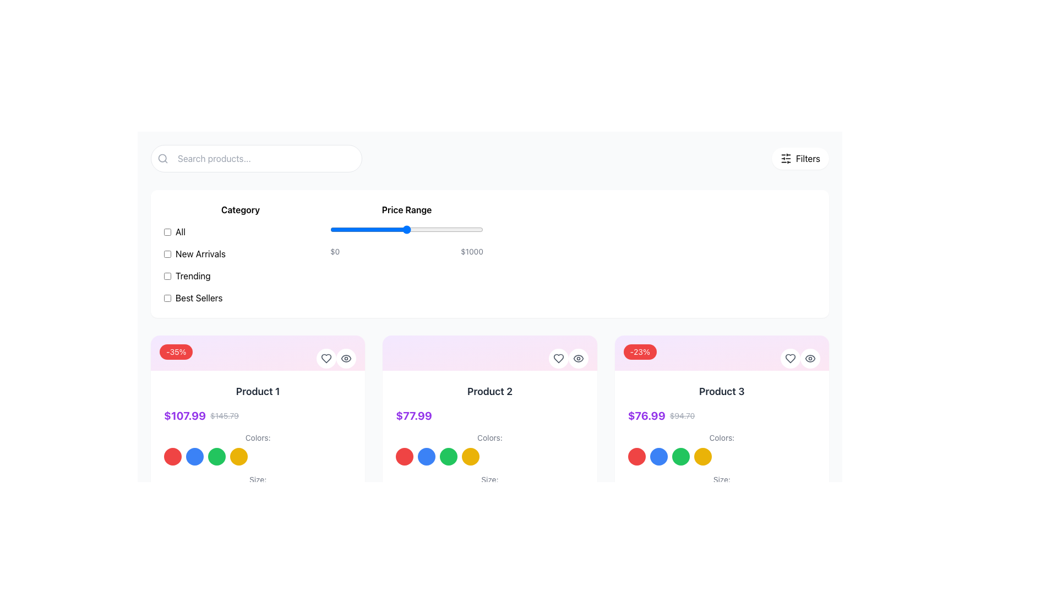 The image size is (1057, 595). What do you see at coordinates (489, 490) in the screenshot?
I see `the 'Size:' selector options located below the 'Colors:' section of the 'Product 2' card in the middle column` at bounding box center [489, 490].